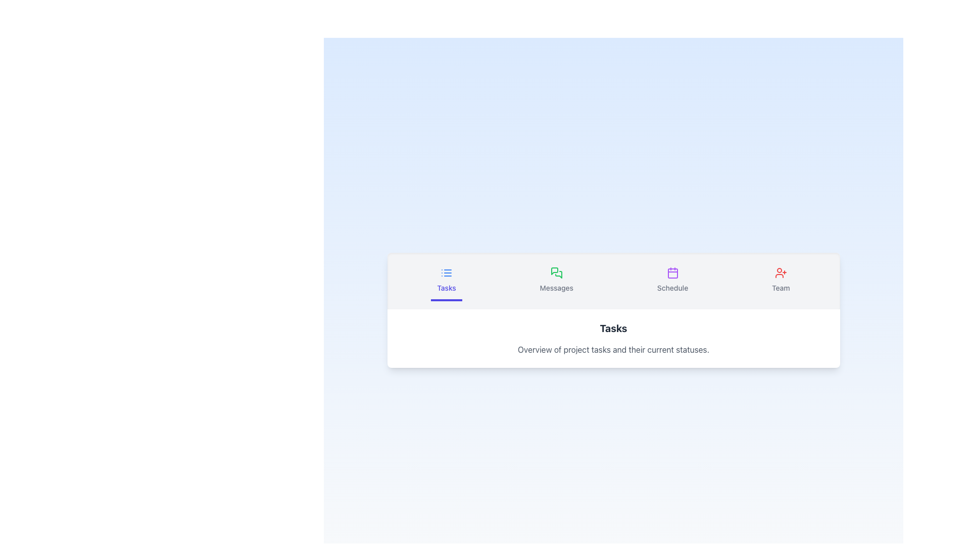 This screenshot has height=545, width=970. Describe the element at coordinates (446, 281) in the screenshot. I see `the navigational button with an icon and label to switch to the Tasks section` at that location.